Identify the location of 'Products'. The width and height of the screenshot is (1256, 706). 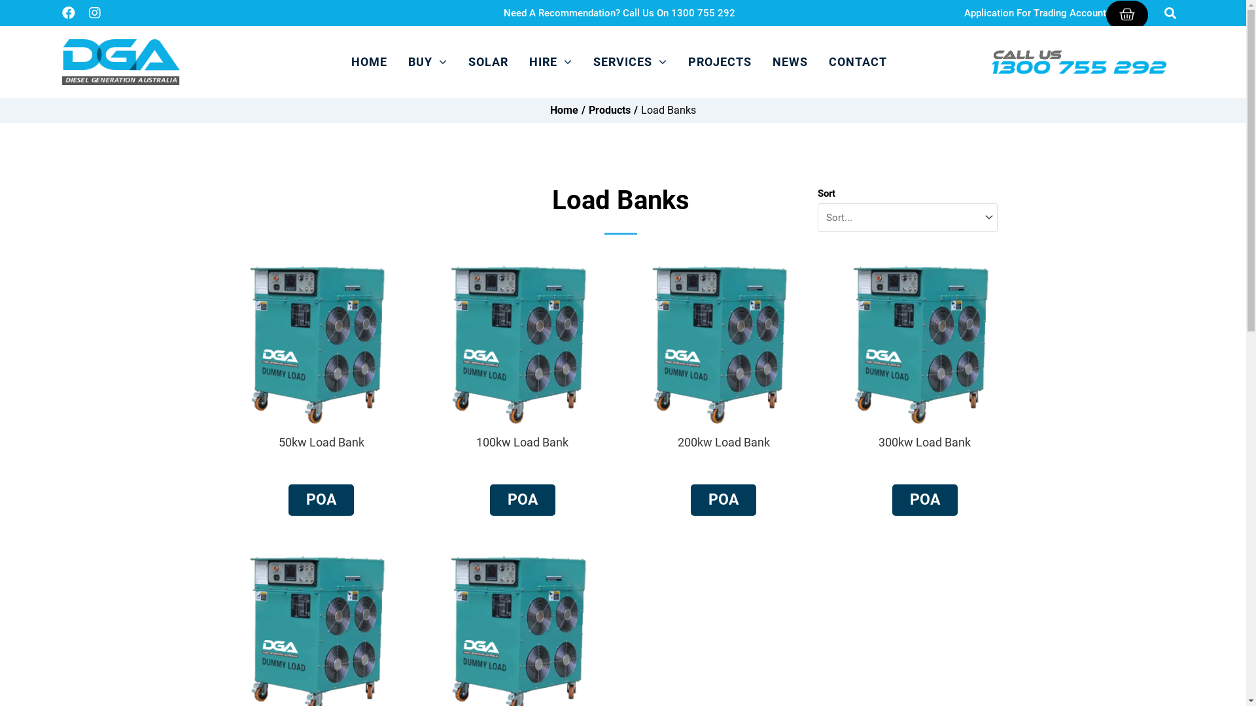
(608, 110).